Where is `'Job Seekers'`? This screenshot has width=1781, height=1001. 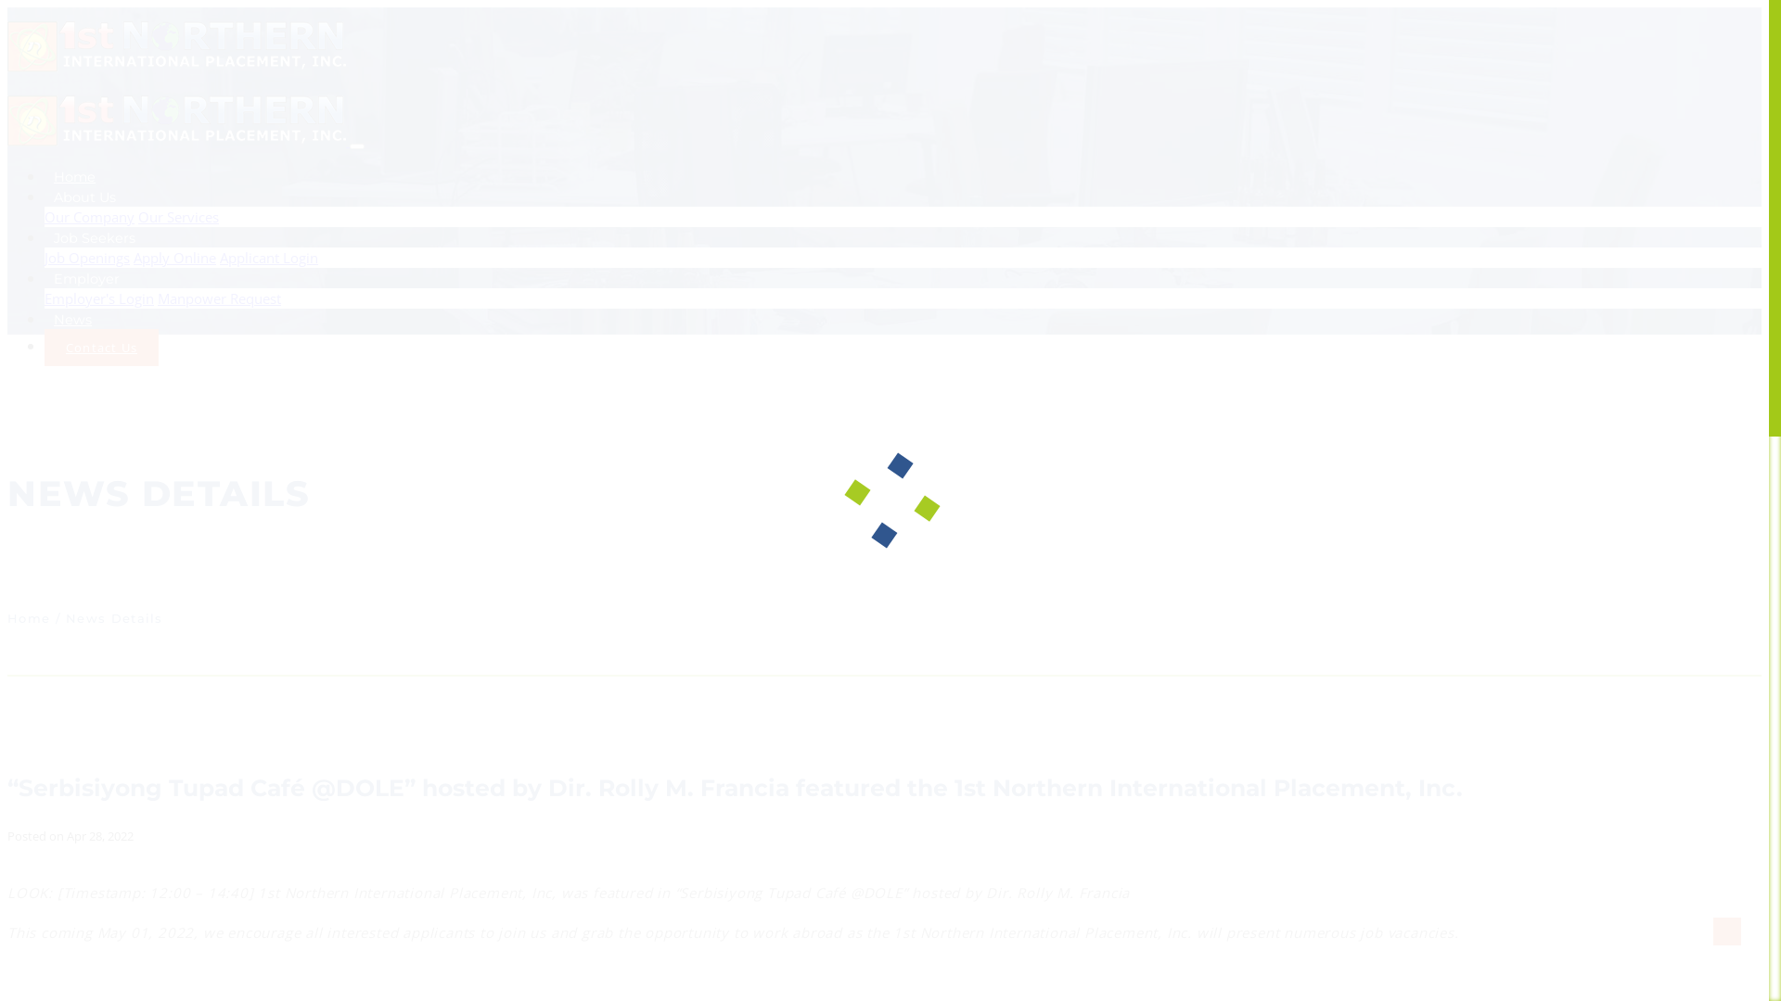 'Job Seekers' is located at coordinates (93, 237).